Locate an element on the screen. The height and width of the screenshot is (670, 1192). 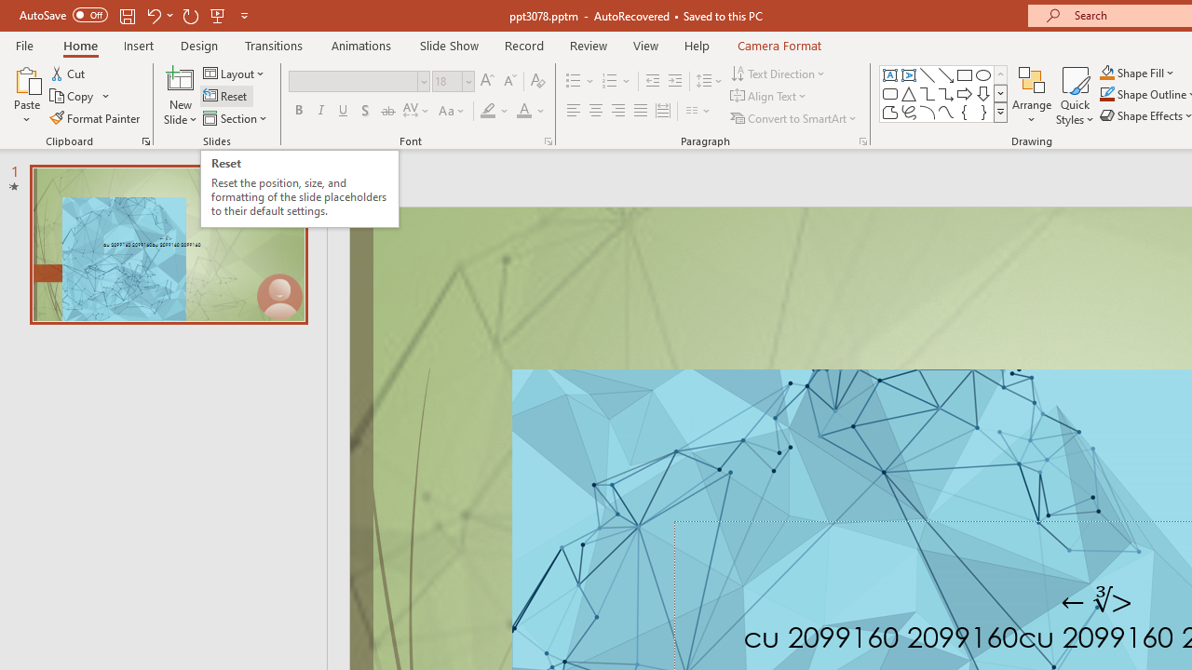
'Columns' is located at coordinates (698, 111).